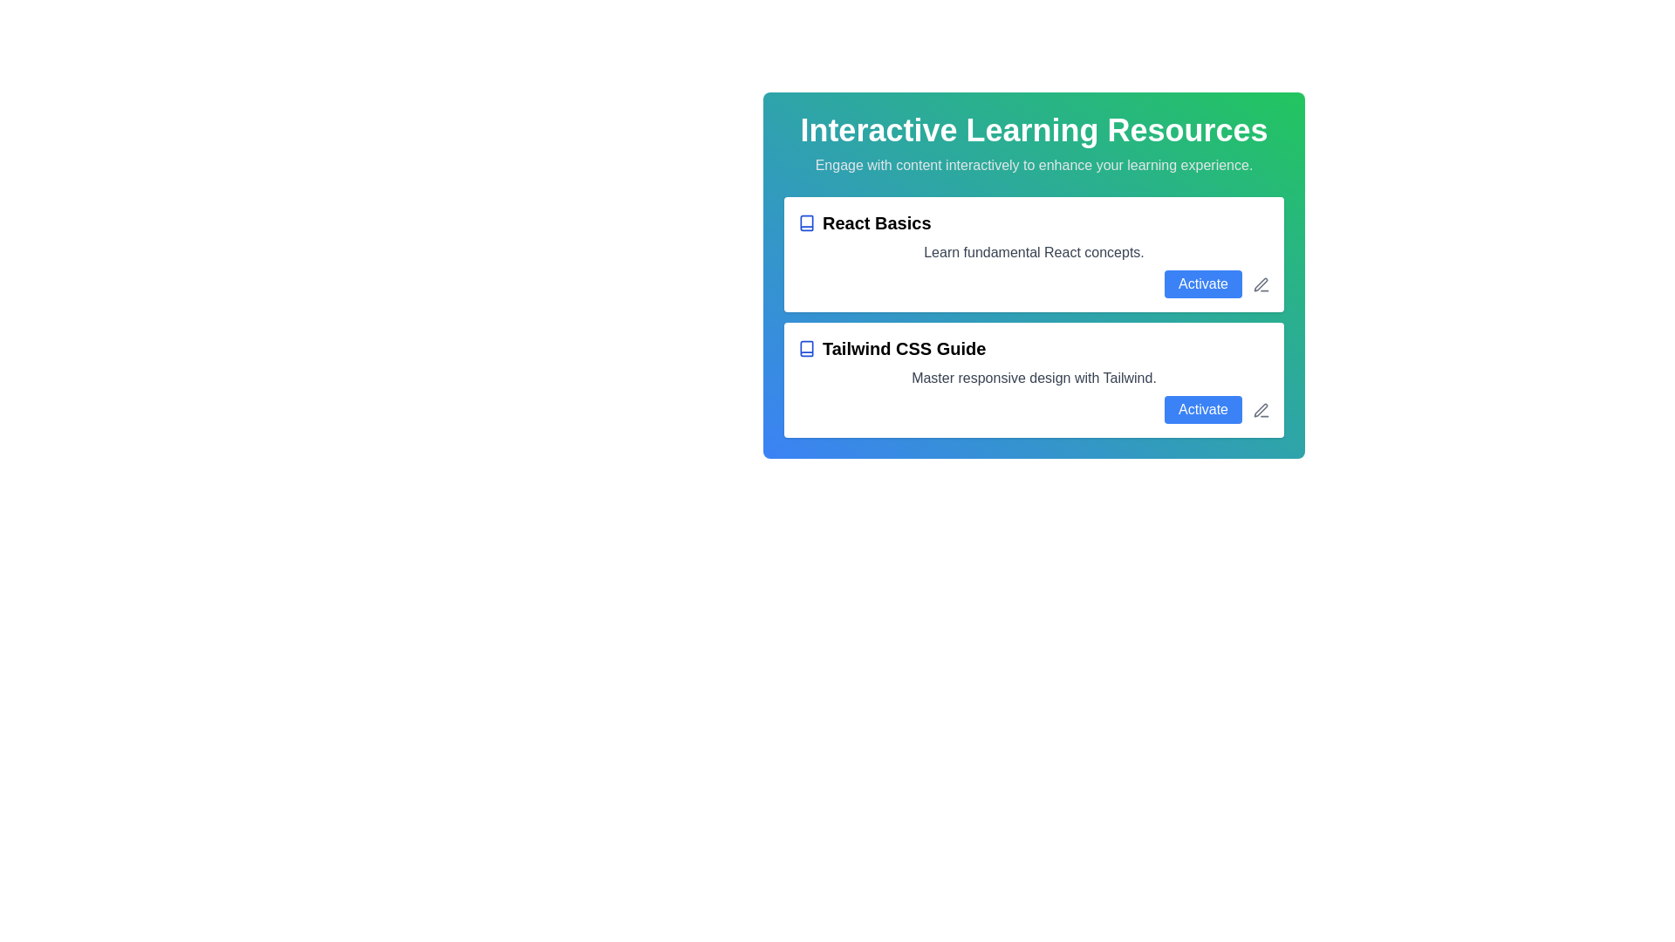 The width and height of the screenshot is (1675, 942). What do you see at coordinates (904, 349) in the screenshot?
I see `the 'Tailwind CSS Guide' text label located within the second card of the 'Interactive Learning Resources' section` at bounding box center [904, 349].